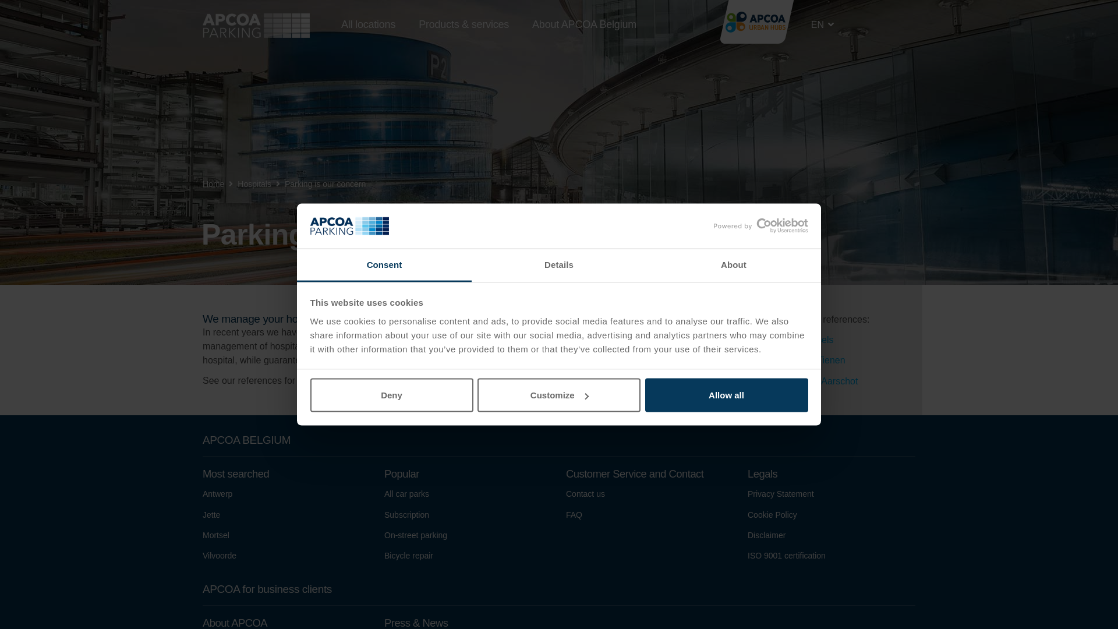  Describe the element at coordinates (391, 394) in the screenshot. I see `'Deny'` at that location.